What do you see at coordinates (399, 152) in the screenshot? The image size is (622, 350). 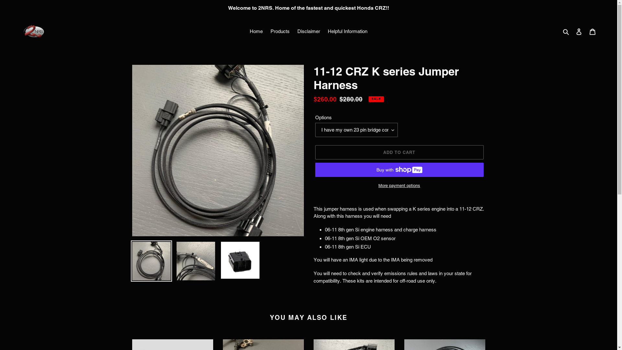 I see `'ADD TO CART'` at bounding box center [399, 152].